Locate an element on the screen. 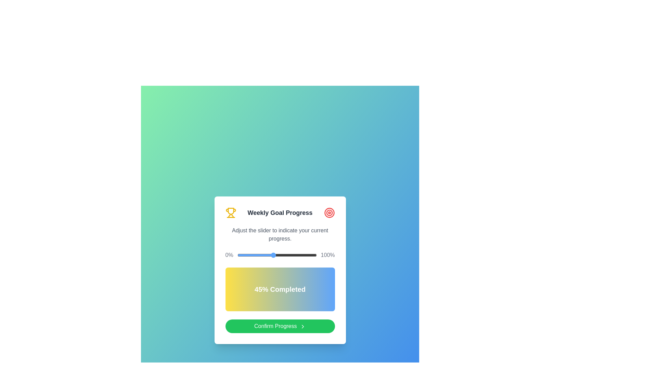 This screenshot has width=657, height=369. the slider to set the progress percentage to 42 is located at coordinates (270, 255).